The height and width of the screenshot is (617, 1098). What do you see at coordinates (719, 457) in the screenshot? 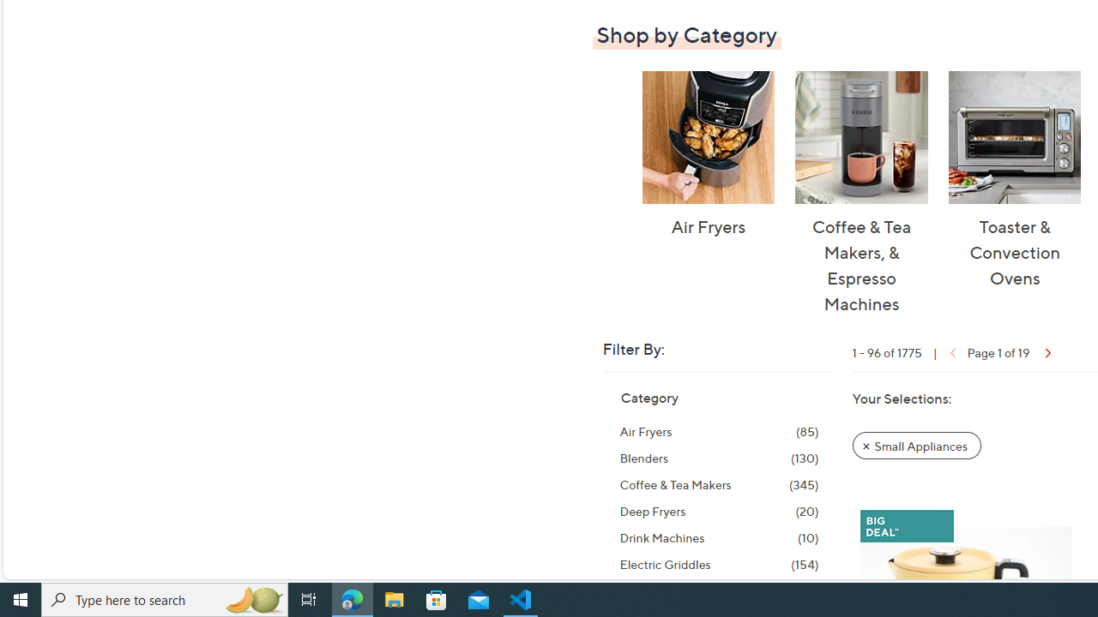
I see `'Blenders, 130 items'` at bounding box center [719, 457].